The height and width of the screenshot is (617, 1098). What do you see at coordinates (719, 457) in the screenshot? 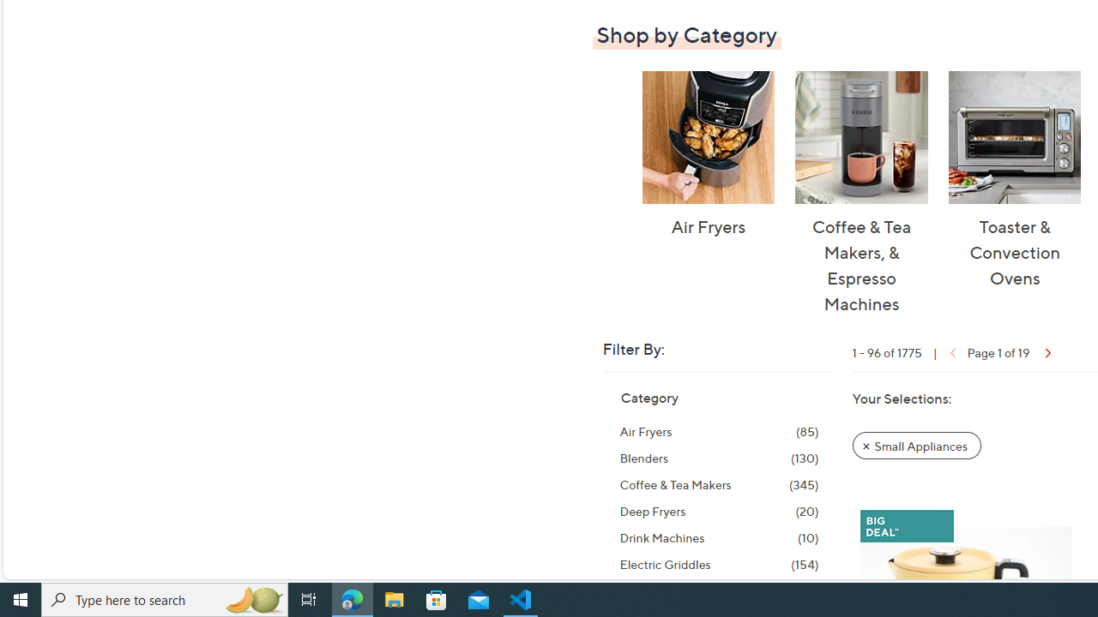
I see `'Blenders, 130 items'` at bounding box center [719, 457].